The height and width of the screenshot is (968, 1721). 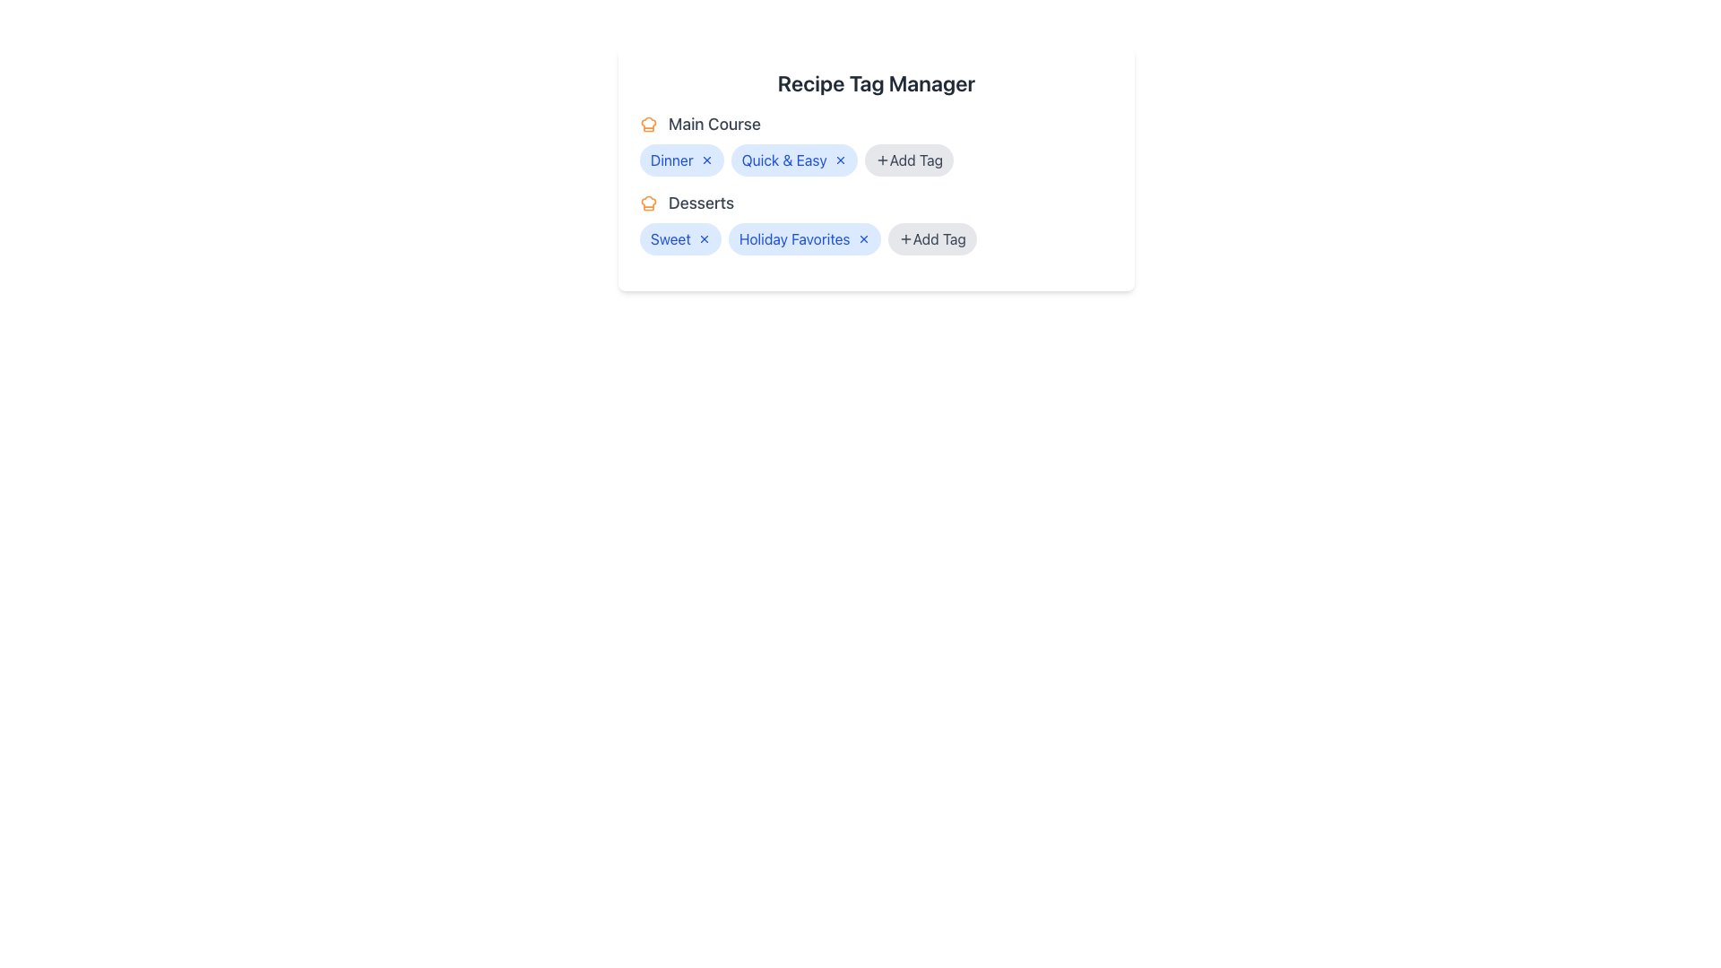 I want to click on the 'Sweet' text label located in the 'Desserts' section of the 'Recipe Tag Manager', which is part of a pill-shaped tag positioned to the left of the 'Holiday Favorites' tag, so click(x=670, y=238).